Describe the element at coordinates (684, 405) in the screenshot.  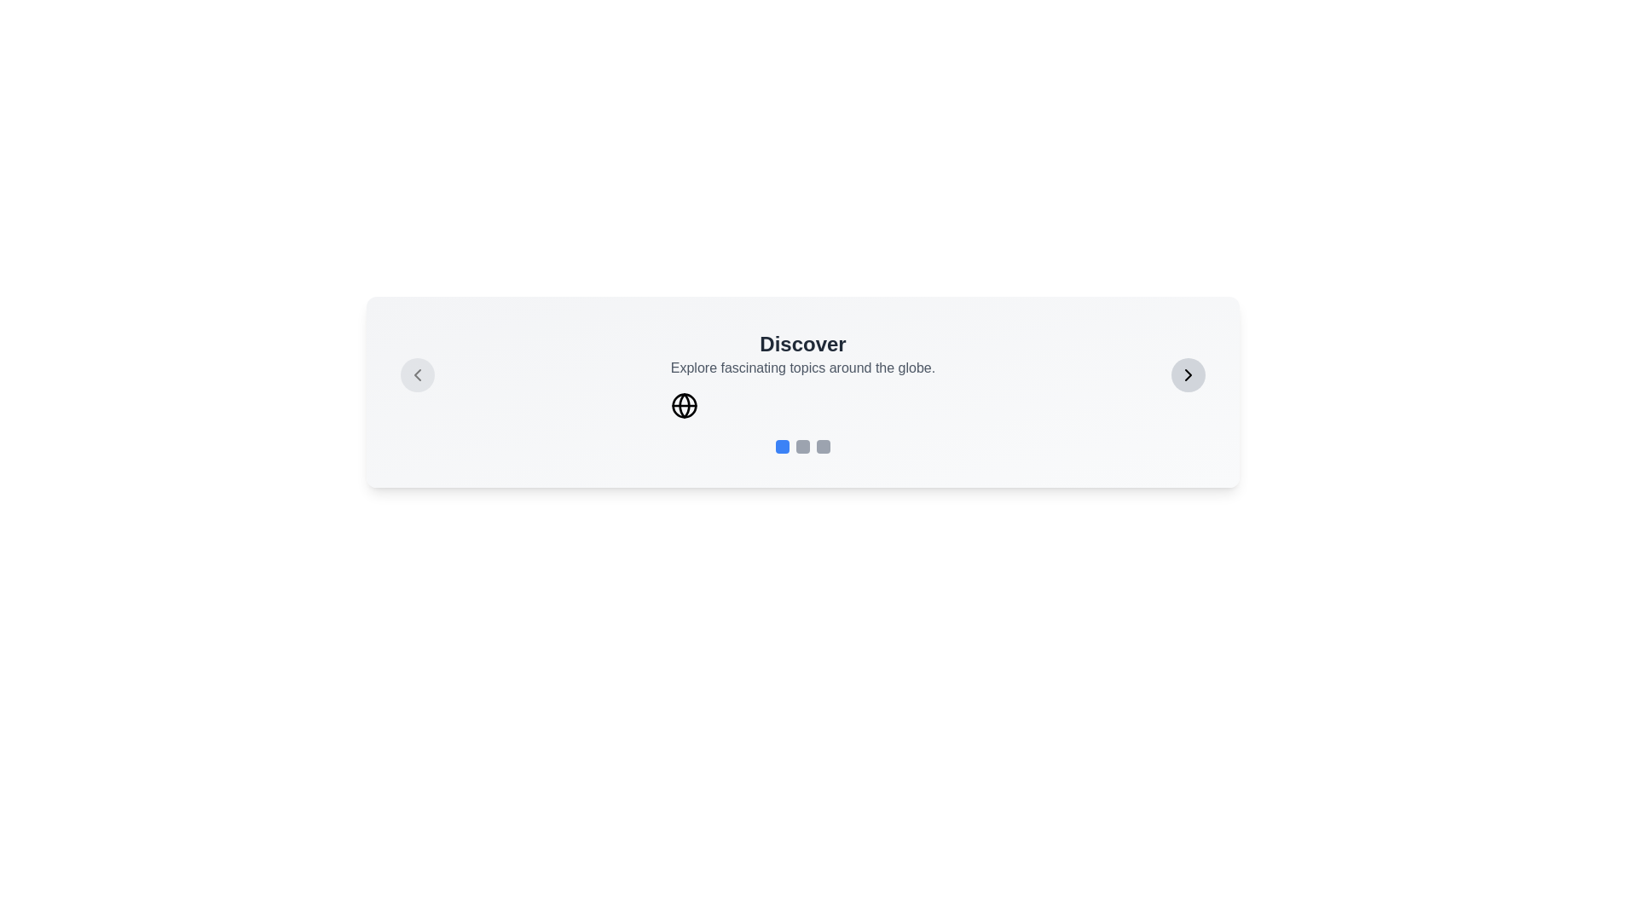
I see `the globe icon that signifies a global theme, likely indicating an action for exploring international content` at that location.